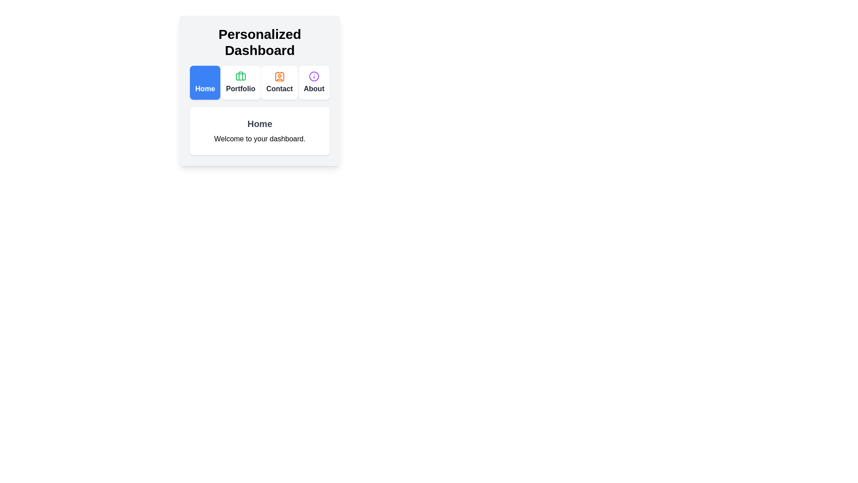 The image size is (858, 483). Describe the element at coordinates (314, 83) in the screenshot. I see `the tab labeled About` at that location.